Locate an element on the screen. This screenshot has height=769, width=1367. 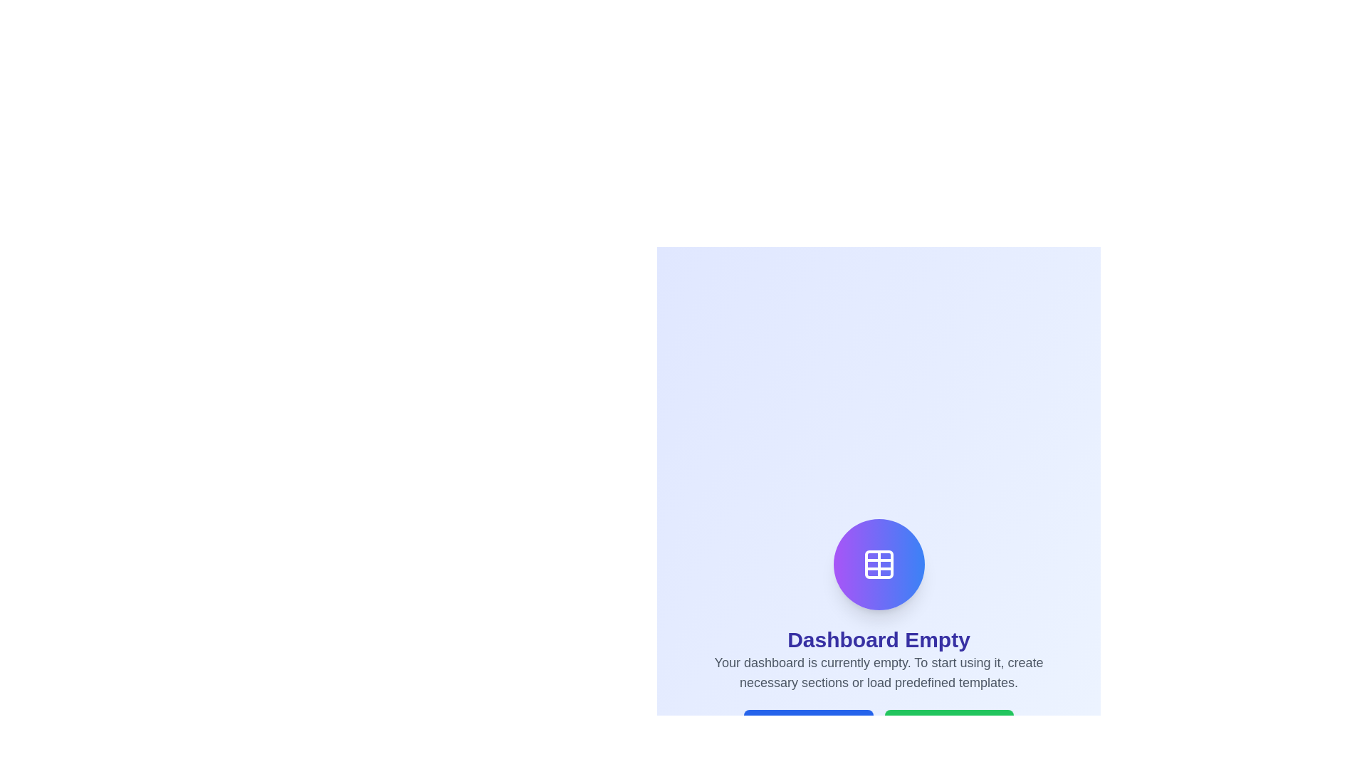
the 'Create Section' button to observe any hover effects, as it is positioned to the left of the 'Load Template' button at the bottom of the interface is located at coordinates (809, 727).